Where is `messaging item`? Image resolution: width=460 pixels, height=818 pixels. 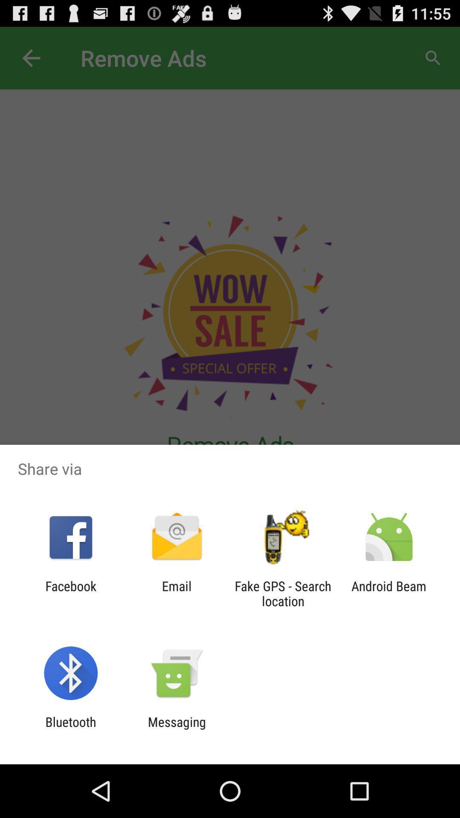 messaging item is located at coordinates (176, 729).